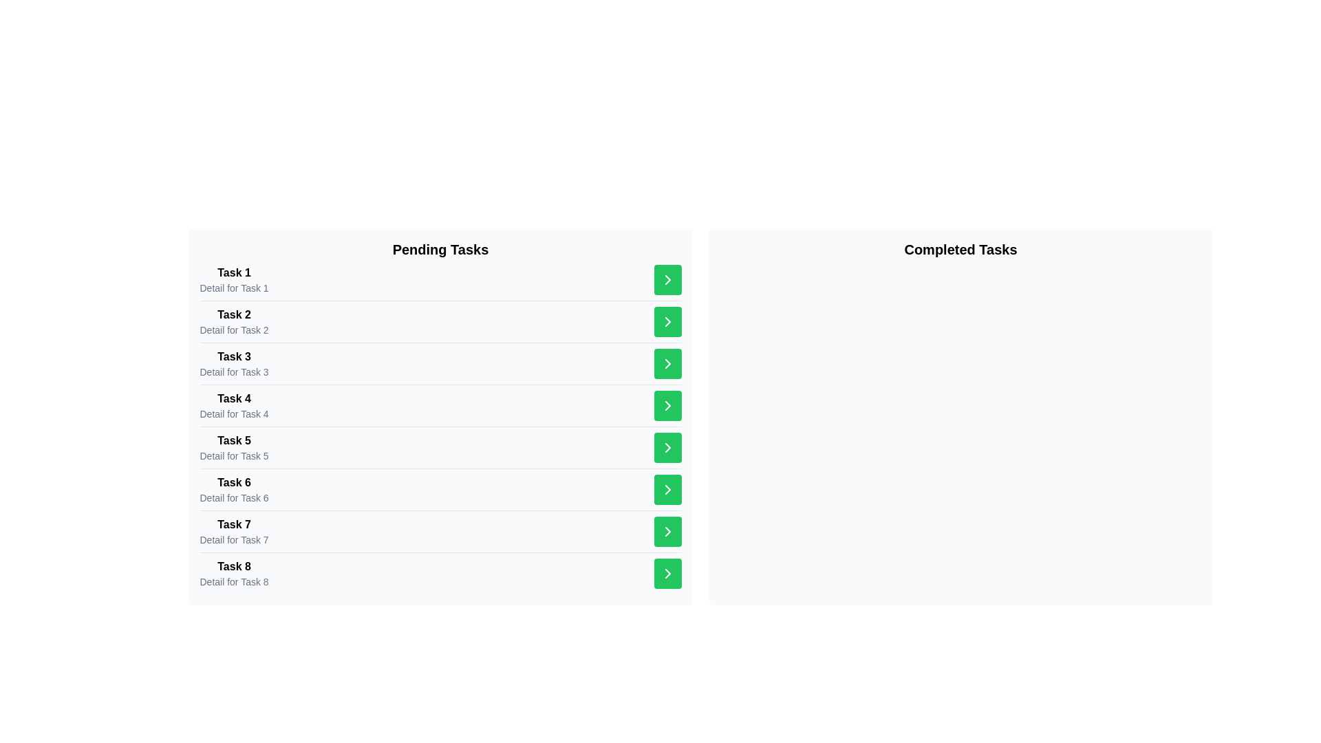 The image size is (1321, 743). Describe the element at coordinates (667, 363) in the screenshot. I see `the chevron icon within the button for the 'Task 4' entry in the list of pending tasks` at that location.